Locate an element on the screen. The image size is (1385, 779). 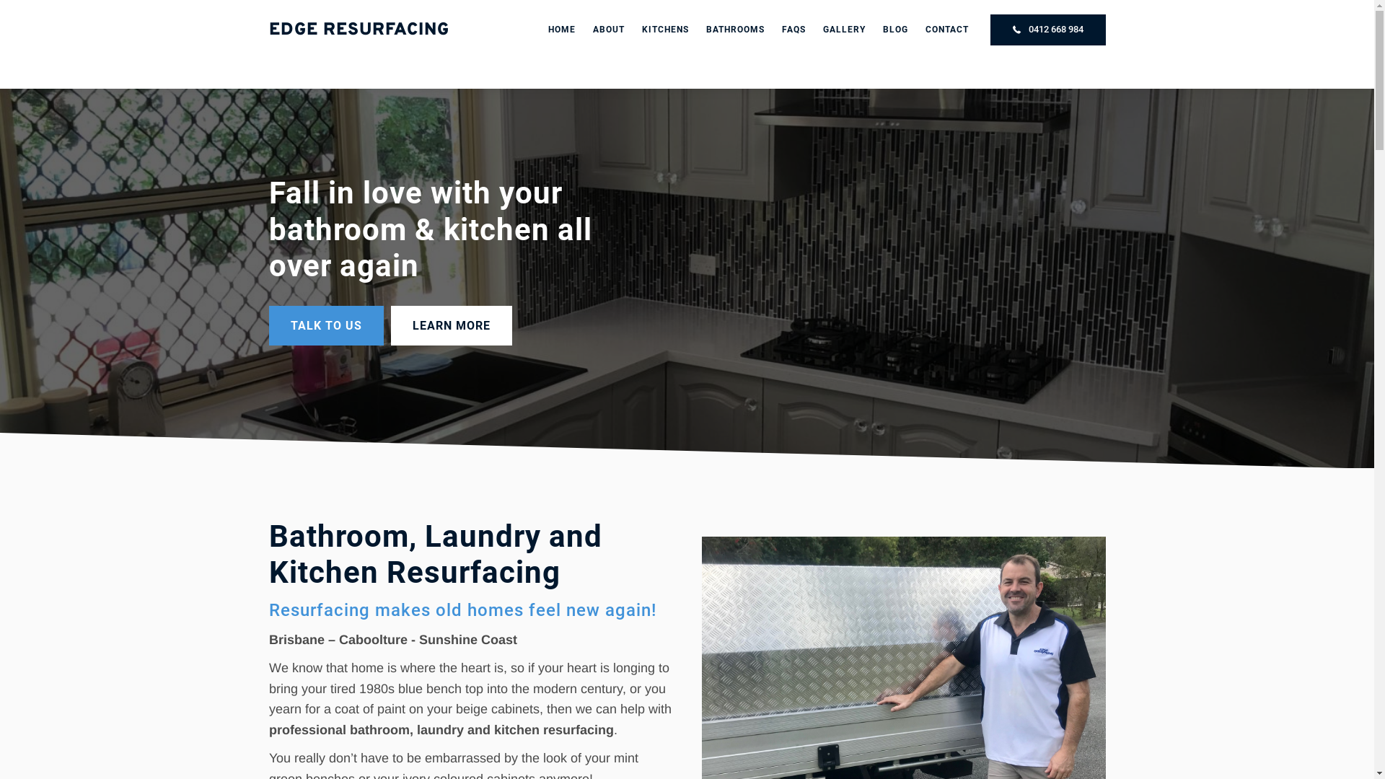
'BATHROOMS' is located at coordinates (734, 30).